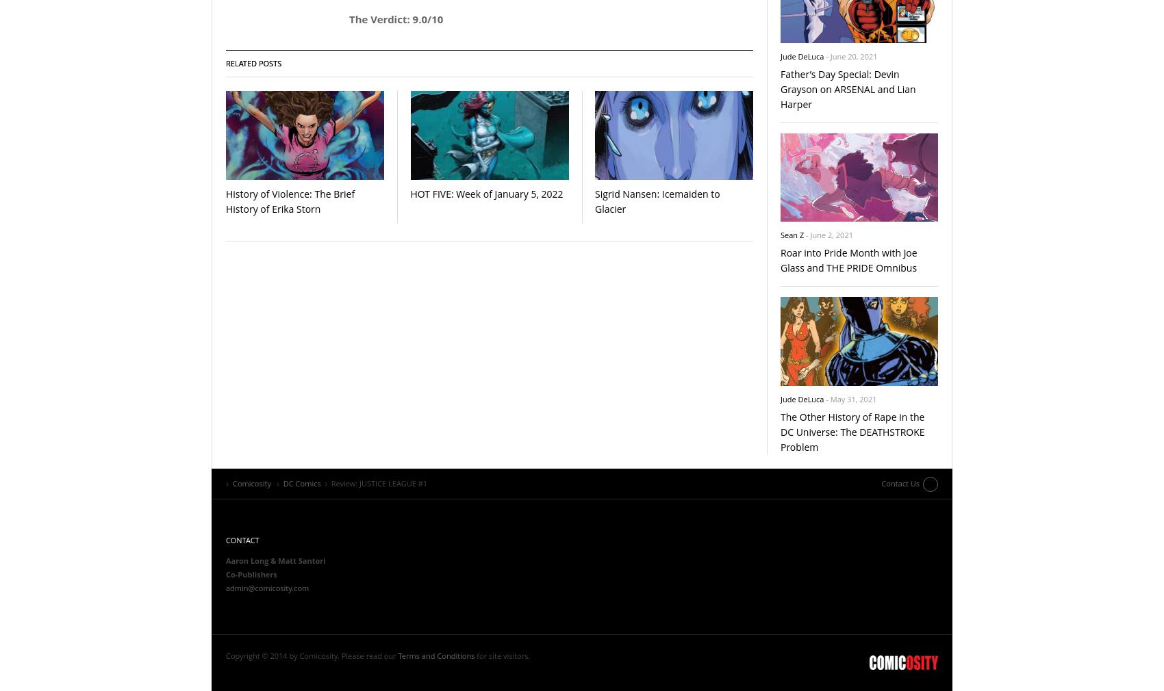  Describe the element at coordinates (378, 482) in the screenshot. I see `'Review: JUSTICE LEAGUE #1'` at that location.